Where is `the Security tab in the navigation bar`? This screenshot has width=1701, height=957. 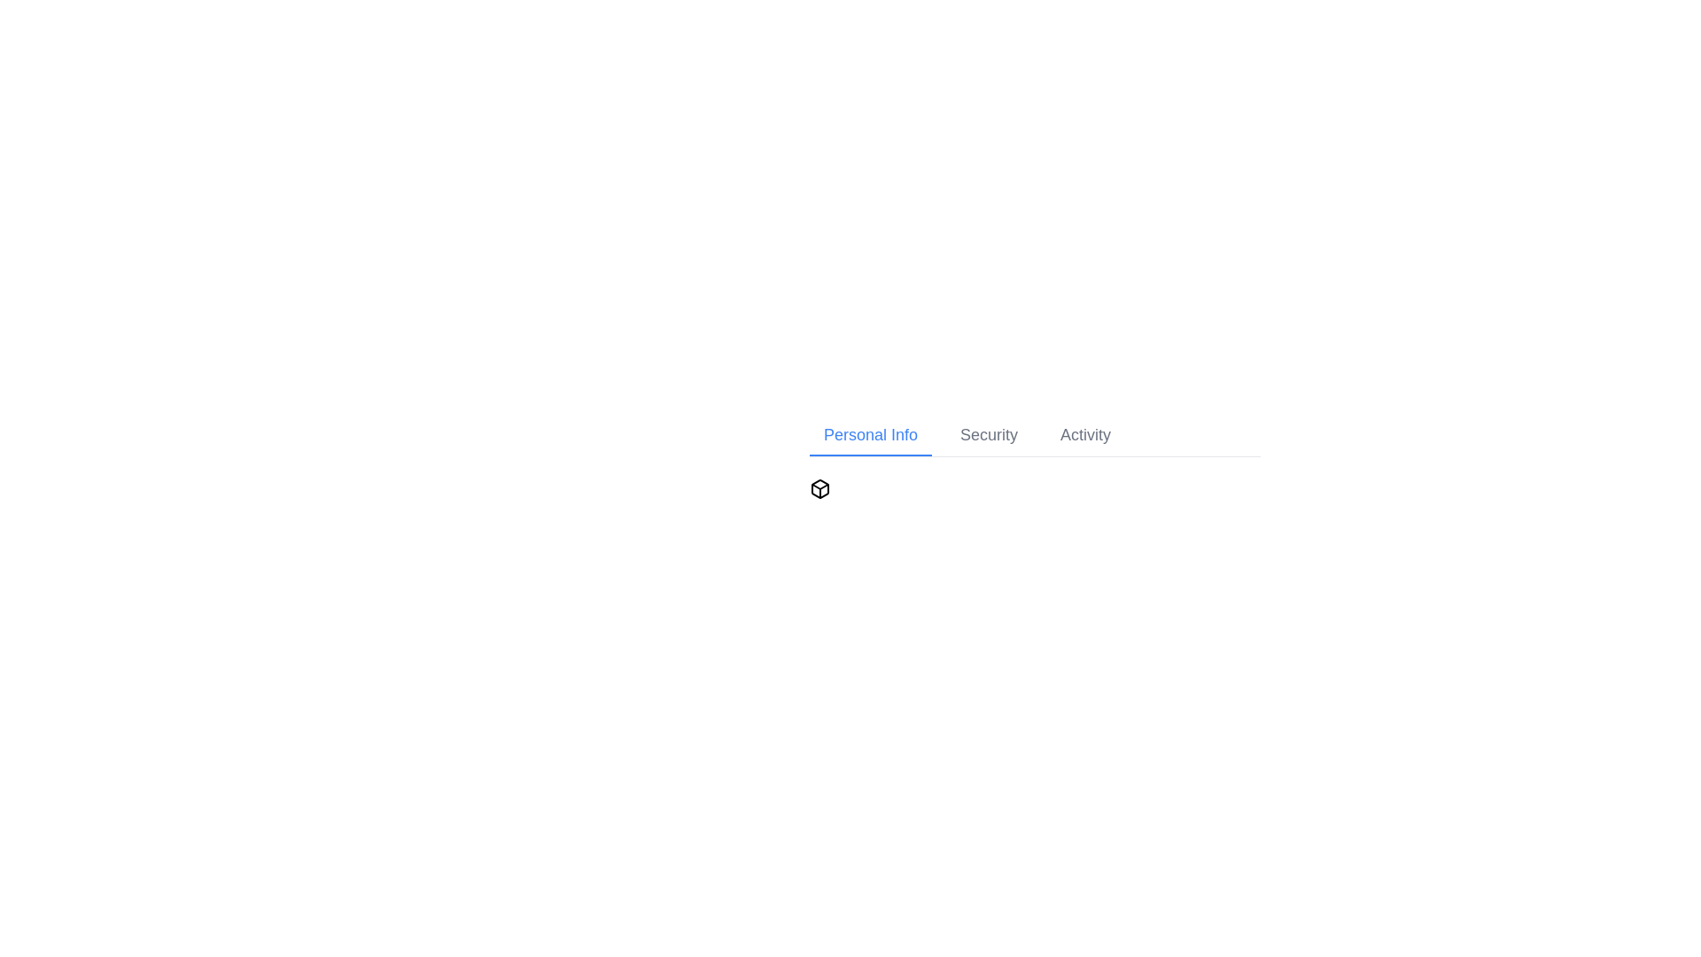 the Security tab in the navigation bar is located at coordinates (989, 436).